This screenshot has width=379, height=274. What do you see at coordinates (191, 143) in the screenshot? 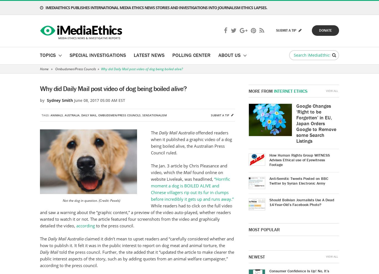
I see `'offended readers when it published a graphic video of a dog being boiled alive, the Australian Press Council ruled.'` at bounding box center [191, 143].